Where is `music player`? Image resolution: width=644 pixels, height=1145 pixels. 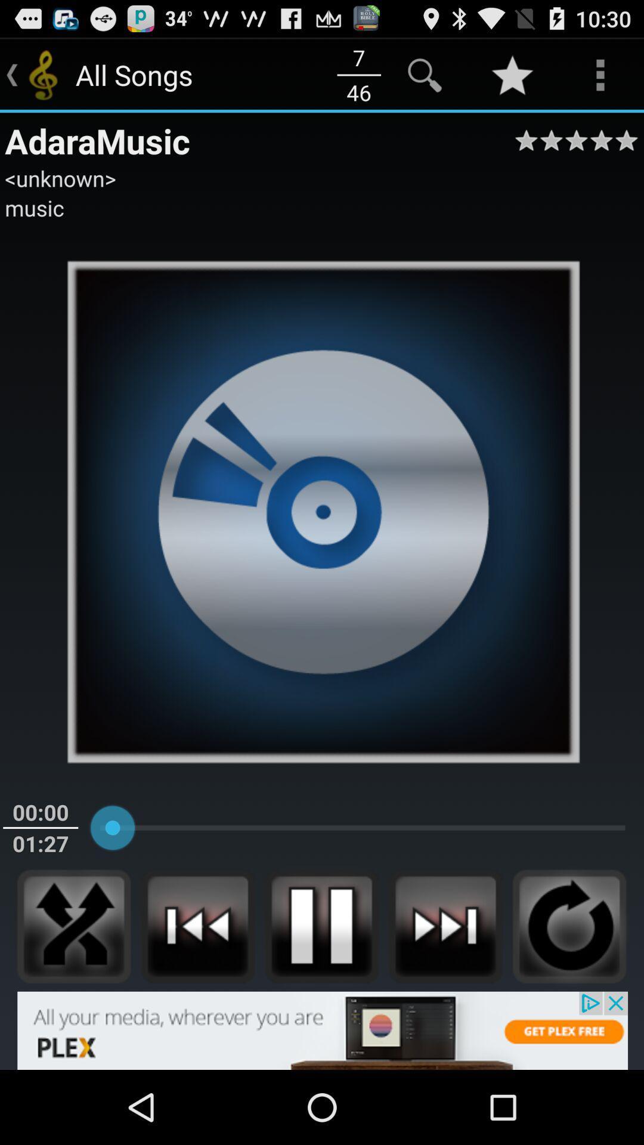
music player is located at coordinates (445, 926).